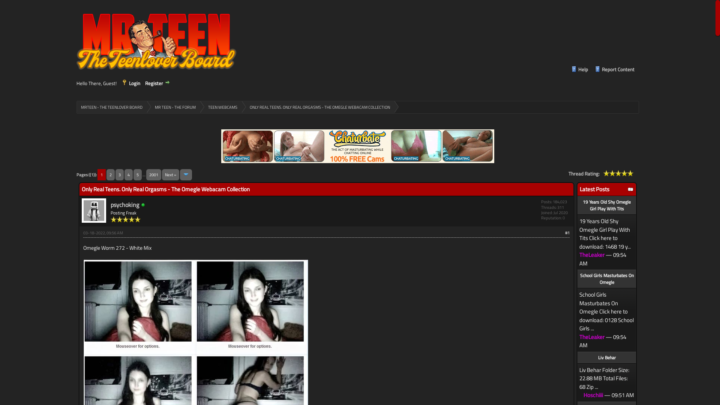 Image resolution: width=720 pixels, height=405 pixels. What do you see at coordinates (186, 175) in the screenshot?
I see `'Jump to page'` at bounding box center [186, 175].